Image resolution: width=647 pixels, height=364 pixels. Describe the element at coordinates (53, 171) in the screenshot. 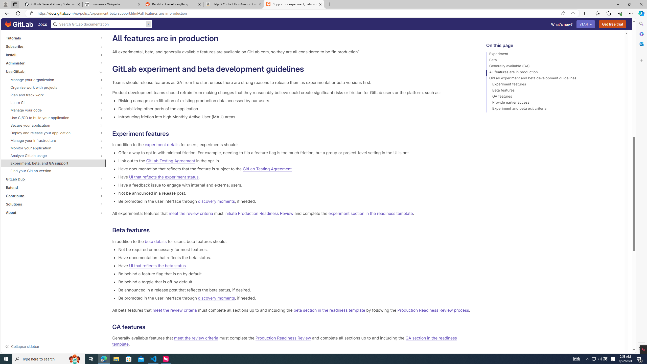

I see `'Find your GitLab version'` at that location.